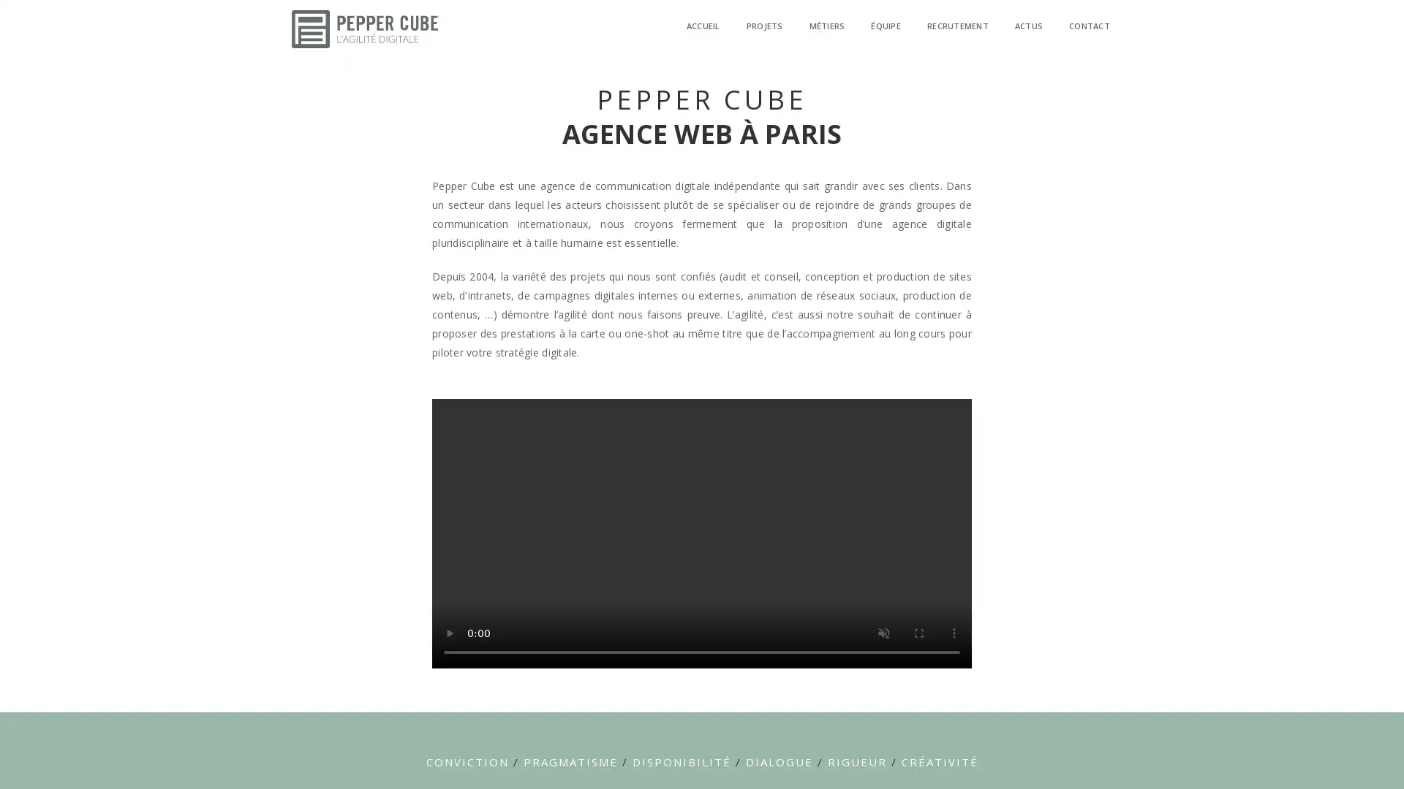  I want to click on unmute, so click(883, 633).